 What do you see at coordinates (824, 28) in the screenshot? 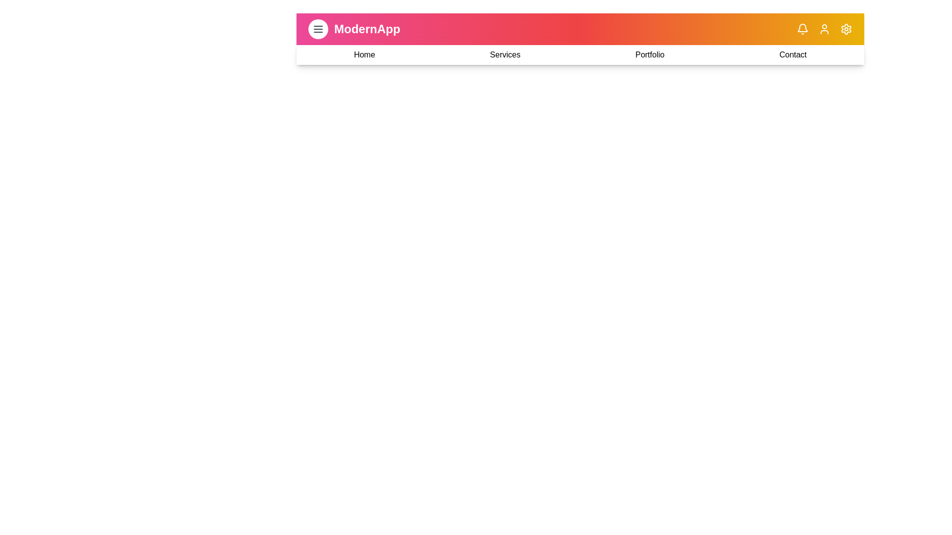
I see `the user_profile icon in the app bar` at bounding box center [824, 28].